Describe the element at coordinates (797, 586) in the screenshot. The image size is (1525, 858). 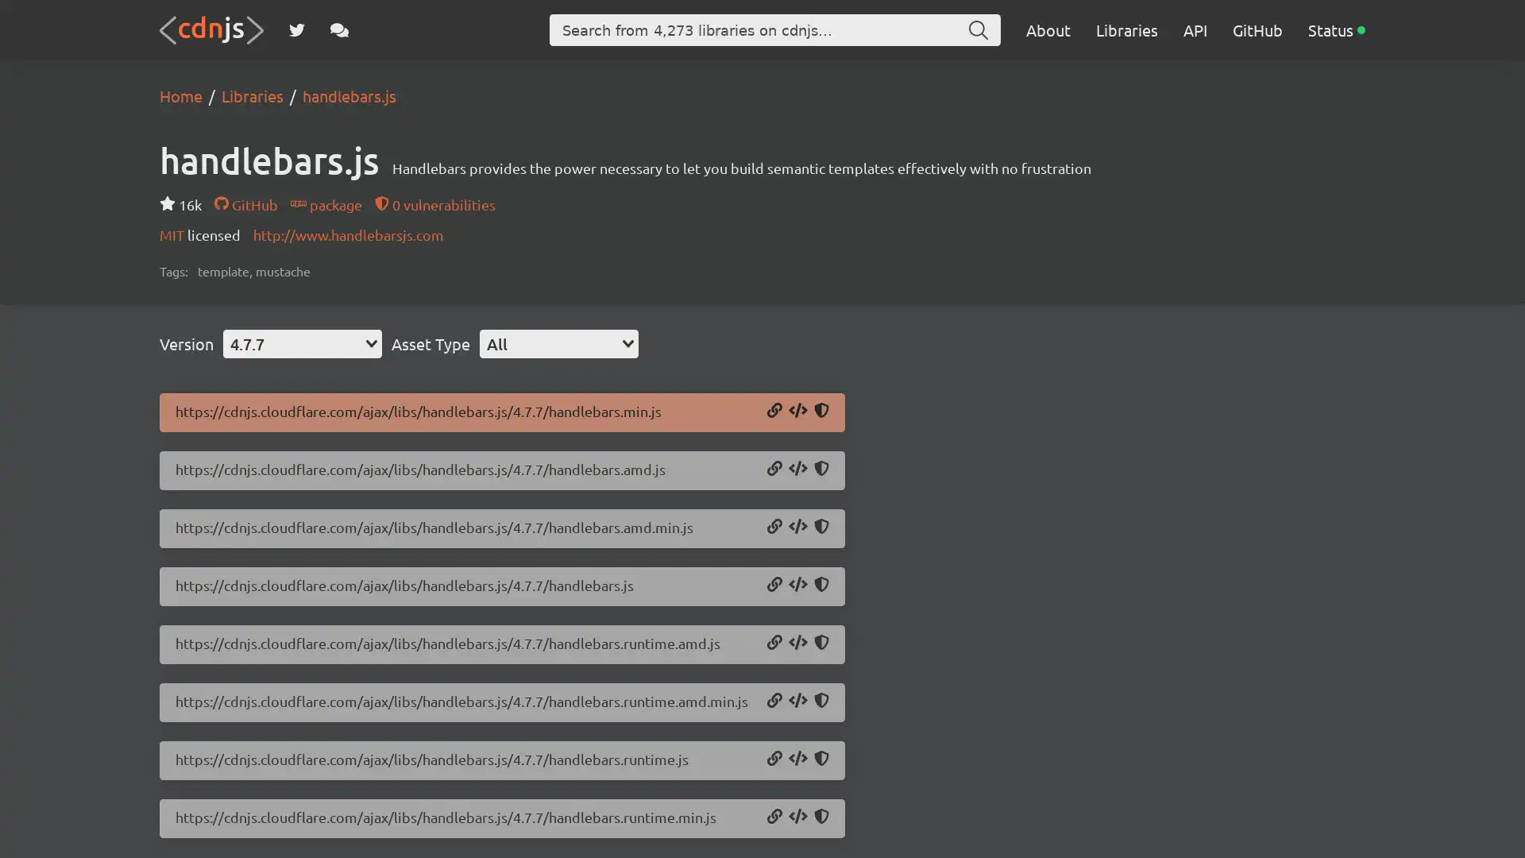
I see `Copy Script Tag` at that location.